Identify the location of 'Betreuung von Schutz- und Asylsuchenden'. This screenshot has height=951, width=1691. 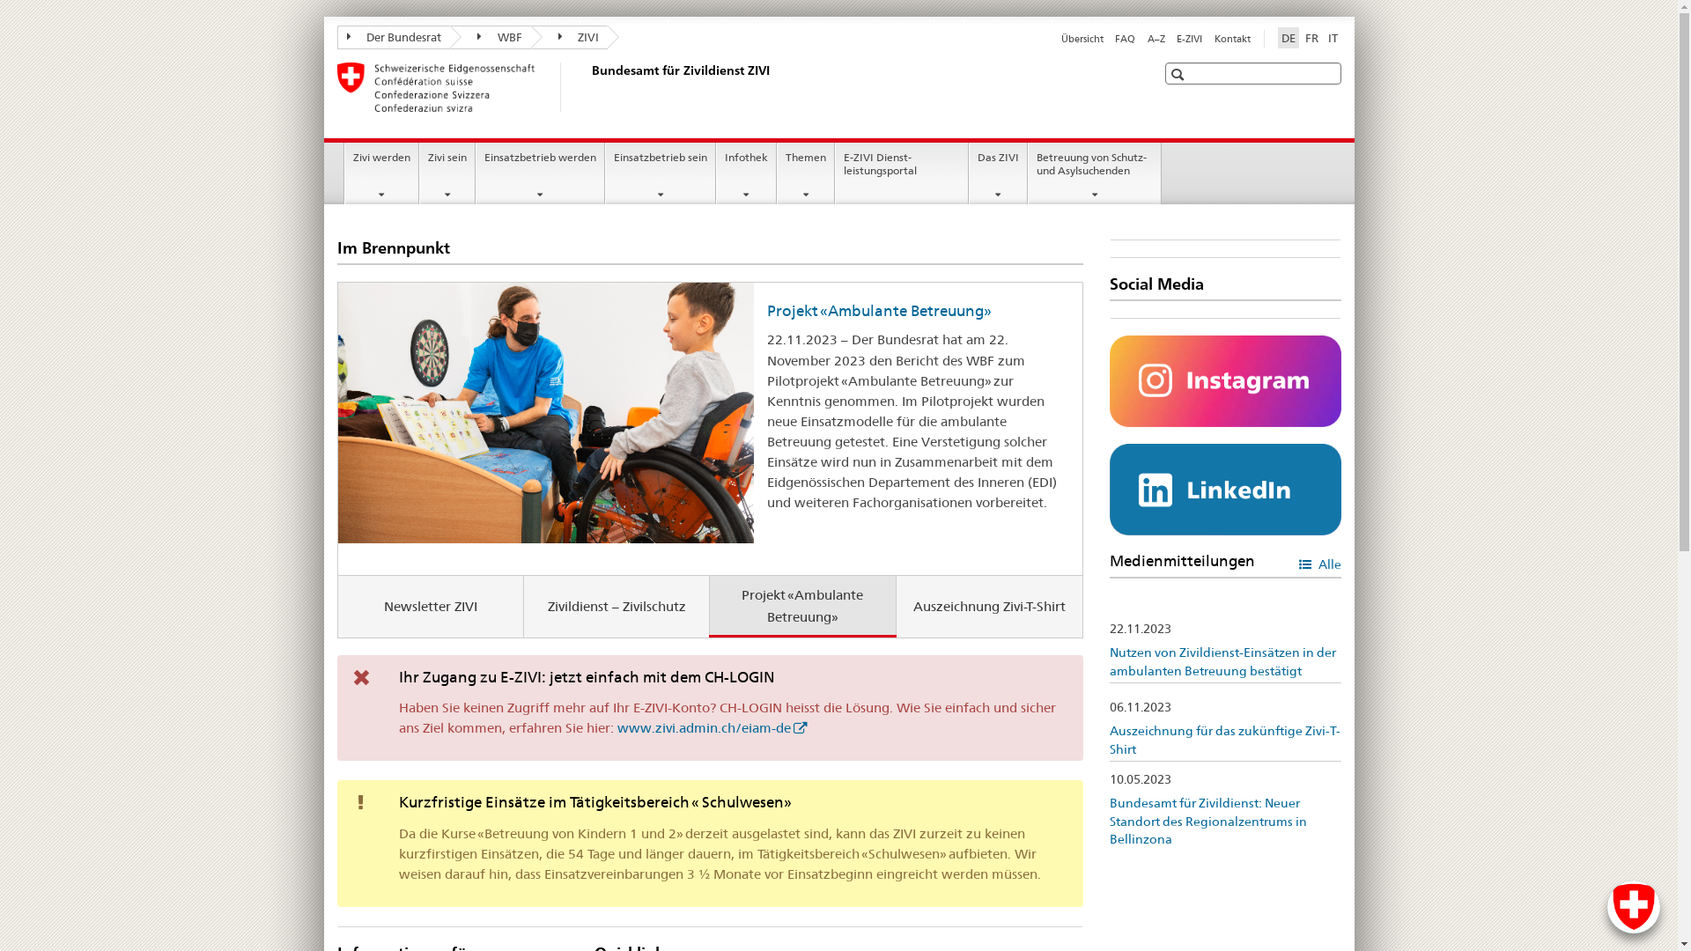
(1094, 173).